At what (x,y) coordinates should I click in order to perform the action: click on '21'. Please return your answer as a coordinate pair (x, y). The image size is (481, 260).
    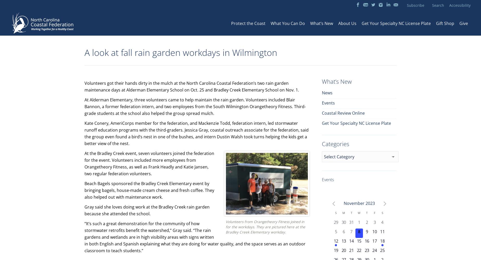
    Looking at the image, I should click on (351, 250).